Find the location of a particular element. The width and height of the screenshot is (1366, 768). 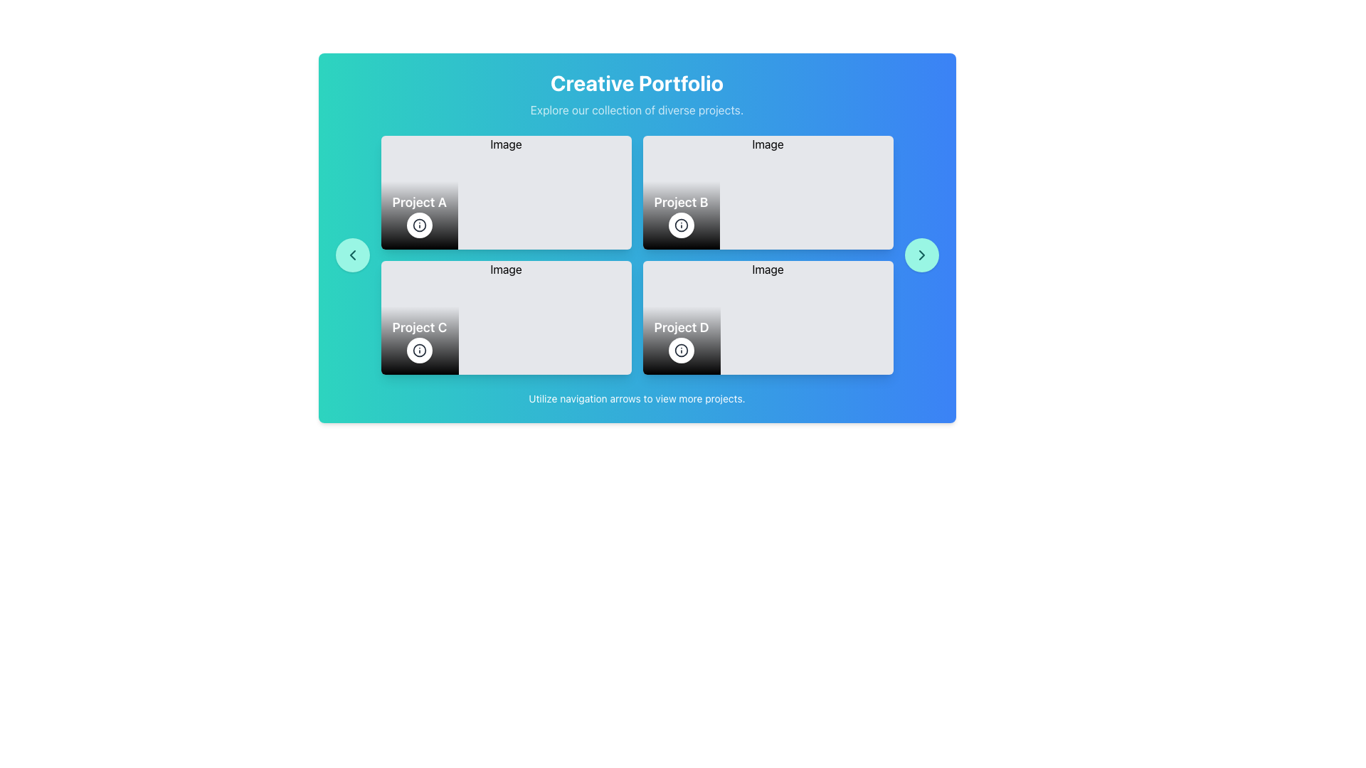

the text label displaying 'Project D' which is located in the bottom-right card of the grid layout, above a circular button and aligned towards the center-left is located at coordinates (681, 328).